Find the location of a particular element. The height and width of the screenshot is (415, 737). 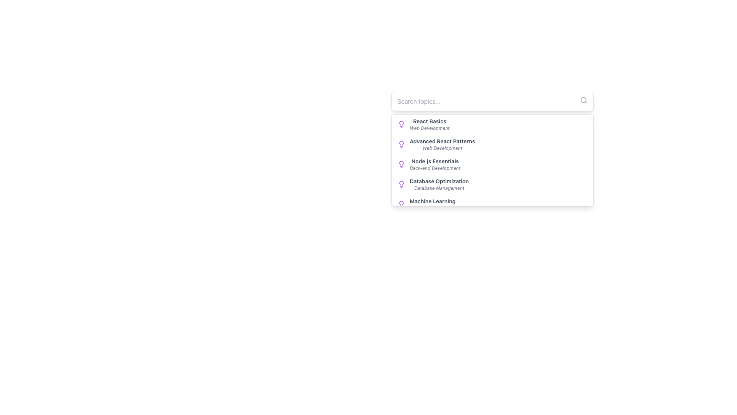

the icon representing the list item 'Advanced React Patterns', which is located to the left of the text in the dropdown panel is located at coordinates (401, 144).